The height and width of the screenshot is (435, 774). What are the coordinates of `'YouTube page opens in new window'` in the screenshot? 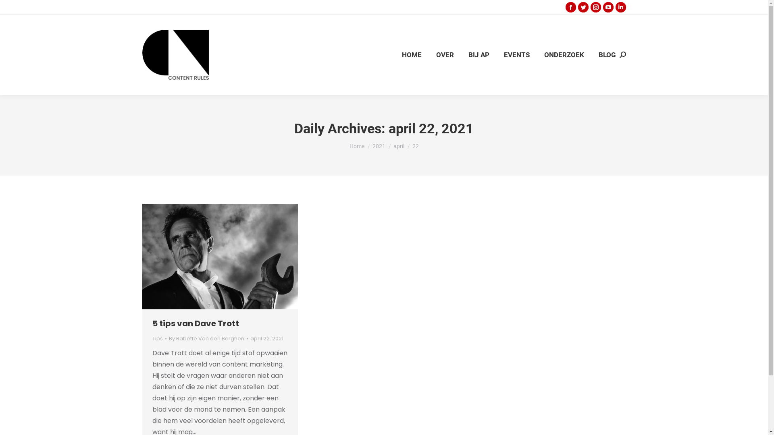 It's located at (608, 7).